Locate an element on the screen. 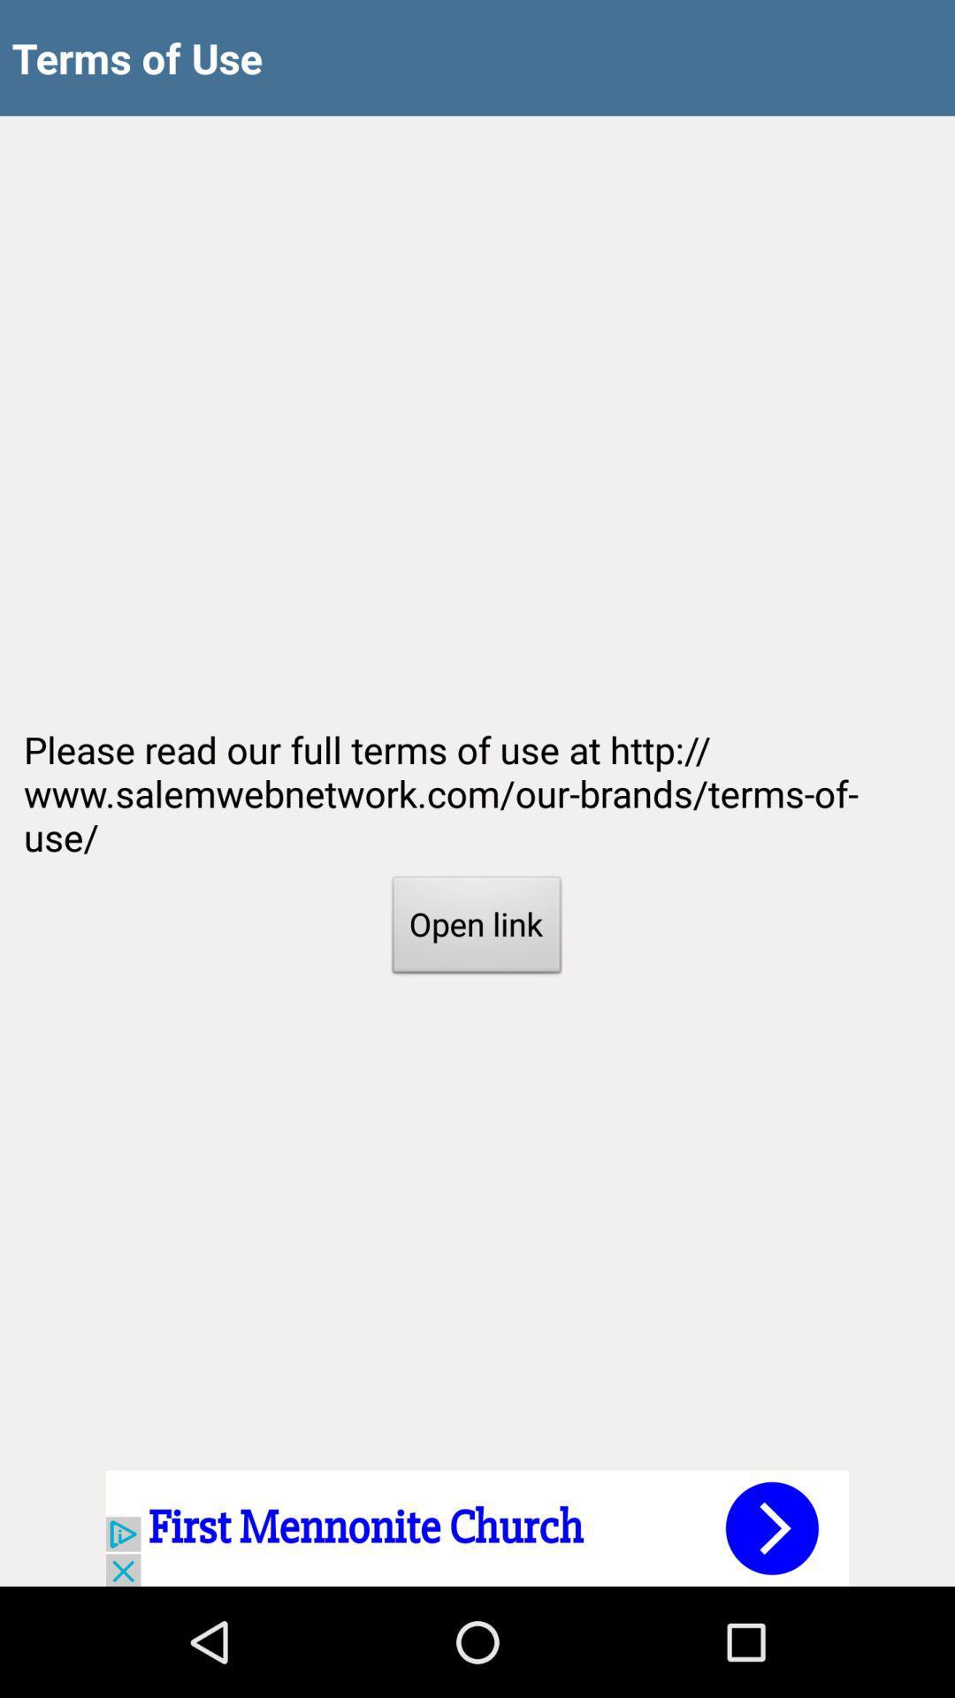 This screenshot has height=1698, width=955. advertising area is located at coordinates (477, 1527).